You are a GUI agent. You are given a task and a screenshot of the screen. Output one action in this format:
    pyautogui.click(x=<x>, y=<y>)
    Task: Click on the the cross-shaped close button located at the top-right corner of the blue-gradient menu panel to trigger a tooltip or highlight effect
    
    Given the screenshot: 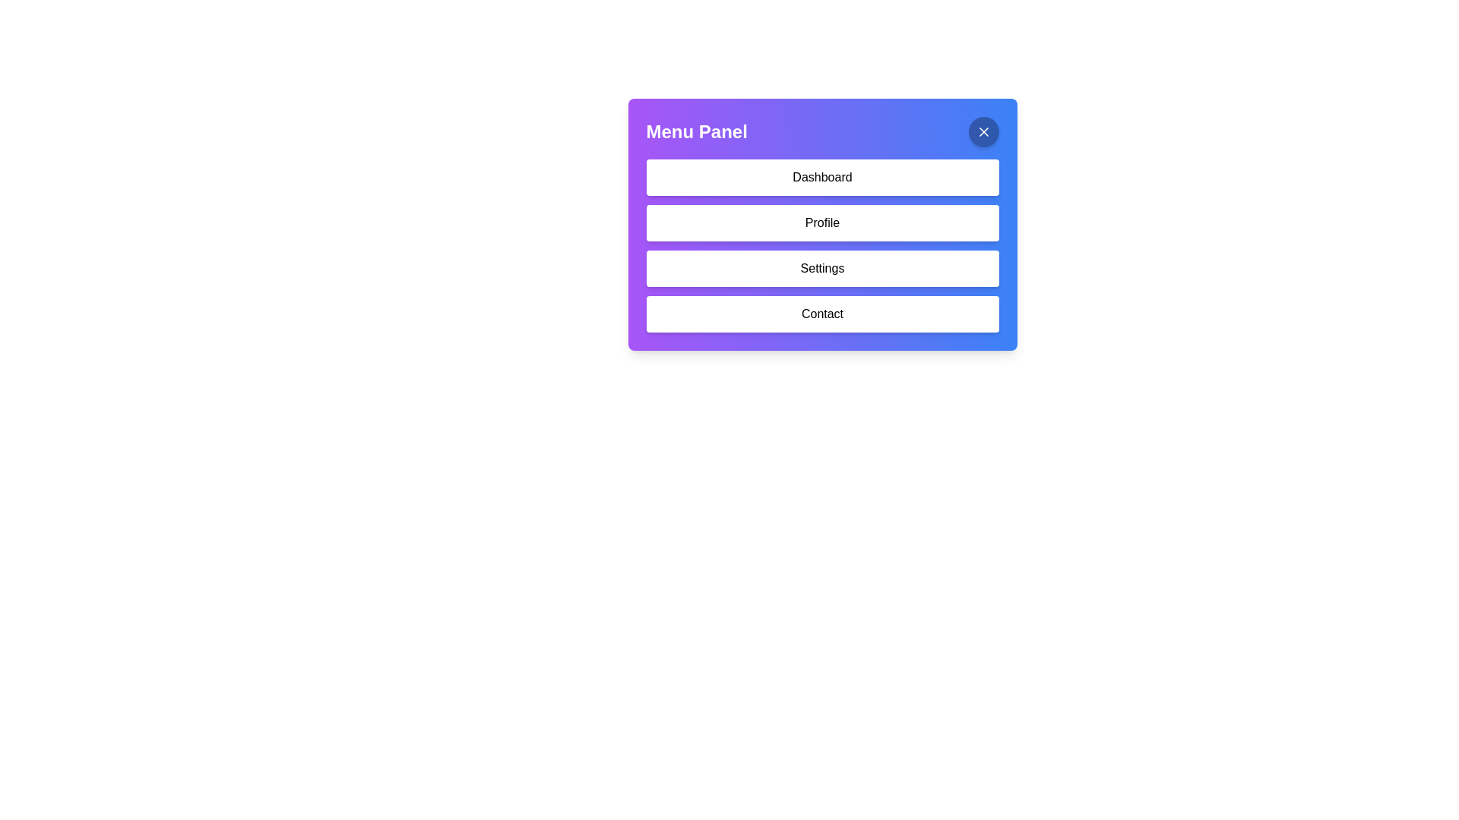 What is the action you would take?
    pyautogui.click(x=983, y=131)
    